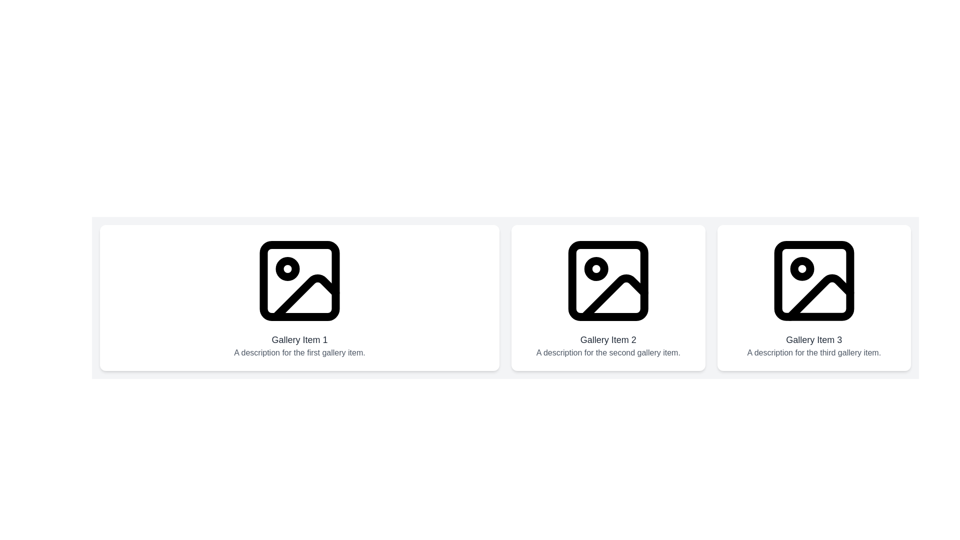 The image size is (960, 540). What do you see at coordinates (802, 268) in the screenshot?
I see `the small circular shape with a white fill and black border located in the top-left area of the third gallery item icon` at bounding box center [802, 268].